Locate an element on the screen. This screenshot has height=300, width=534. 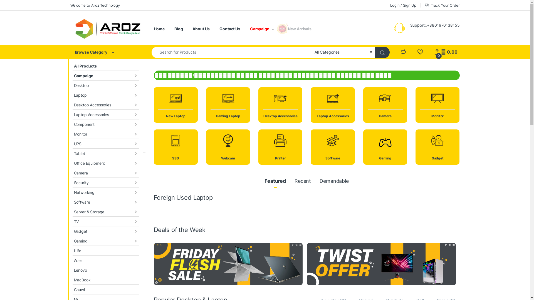
'Camera' is located at coordinates (385, 105).